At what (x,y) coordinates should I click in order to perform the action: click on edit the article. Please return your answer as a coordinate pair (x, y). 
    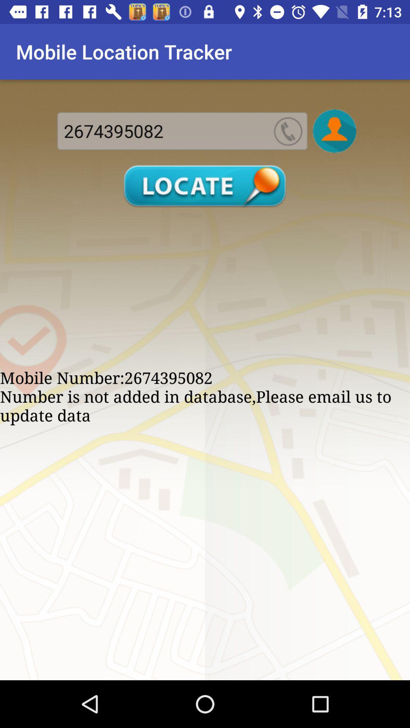
    Looking at the image, I should click on (334, 131).